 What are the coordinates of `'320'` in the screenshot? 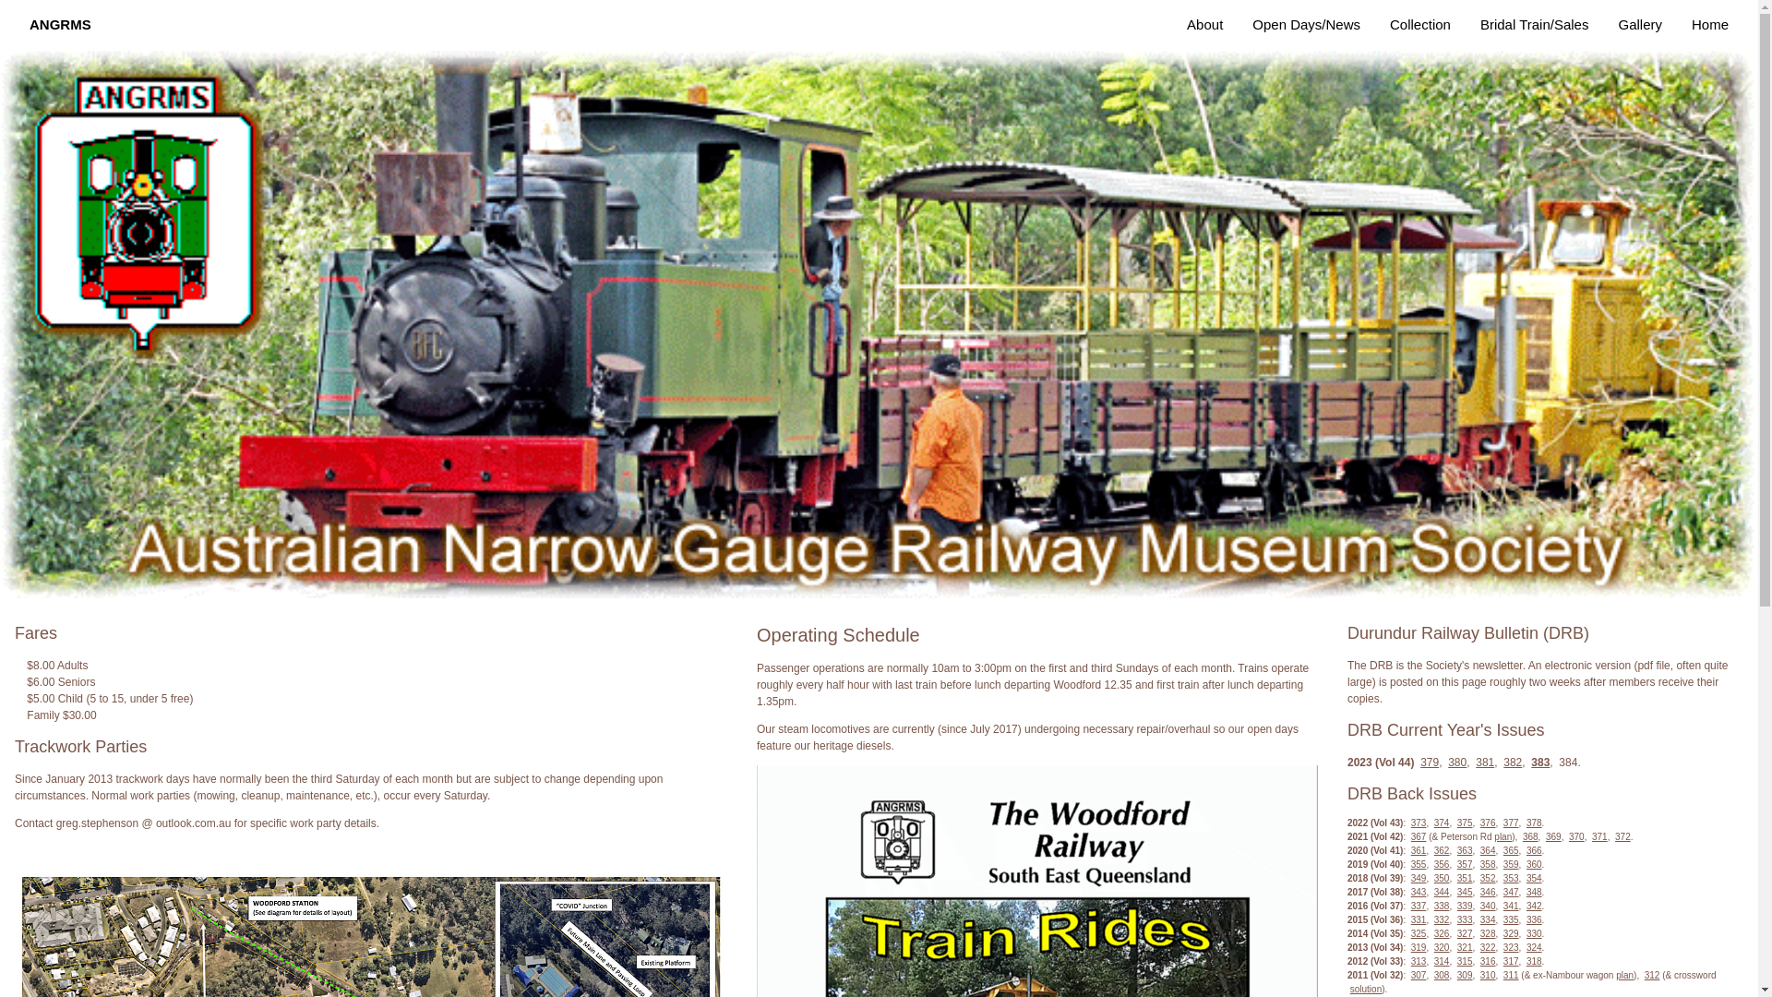 It's located at (1441, 947).